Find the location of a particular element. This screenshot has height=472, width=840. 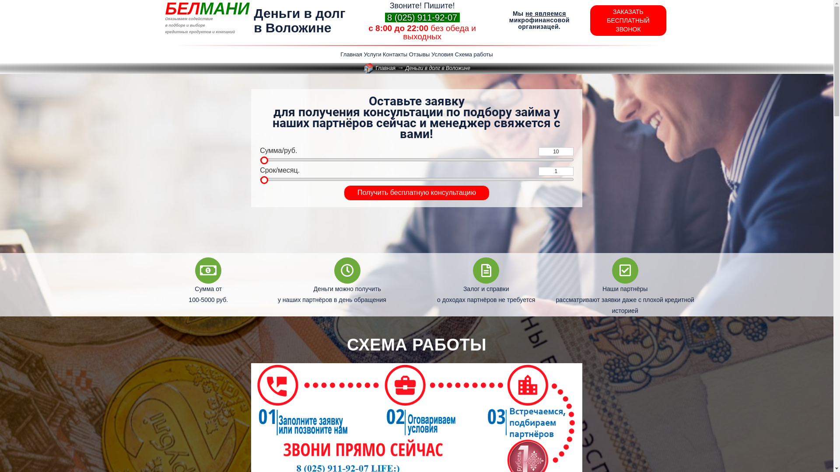

' 8 (025) 911-92-07 ' is located at coordinates (422, 17).